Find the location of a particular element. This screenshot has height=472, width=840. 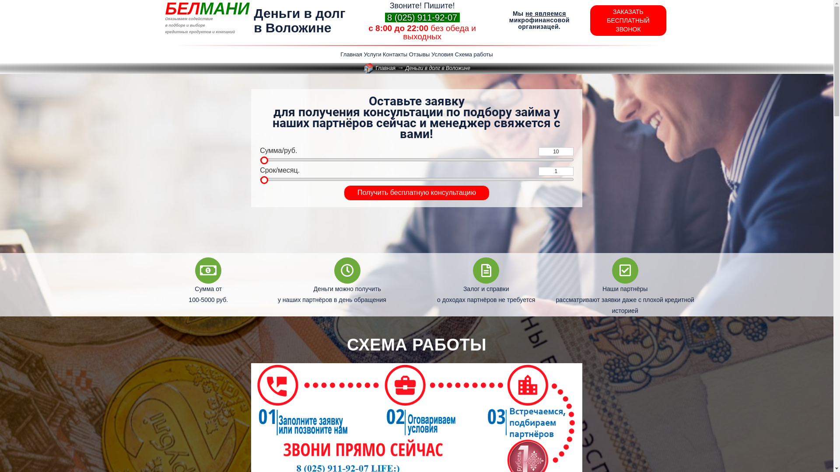

' 8 (025) 911-92-07 ' is located at coordinates (422, 17).